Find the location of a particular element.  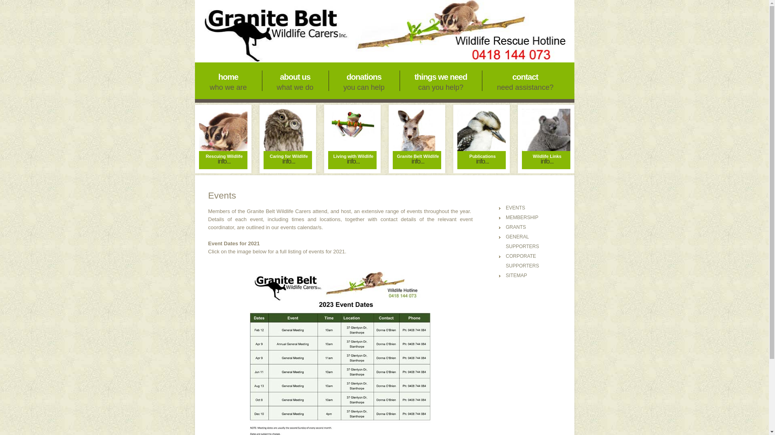

'donations is located at coordinates (364, 81).